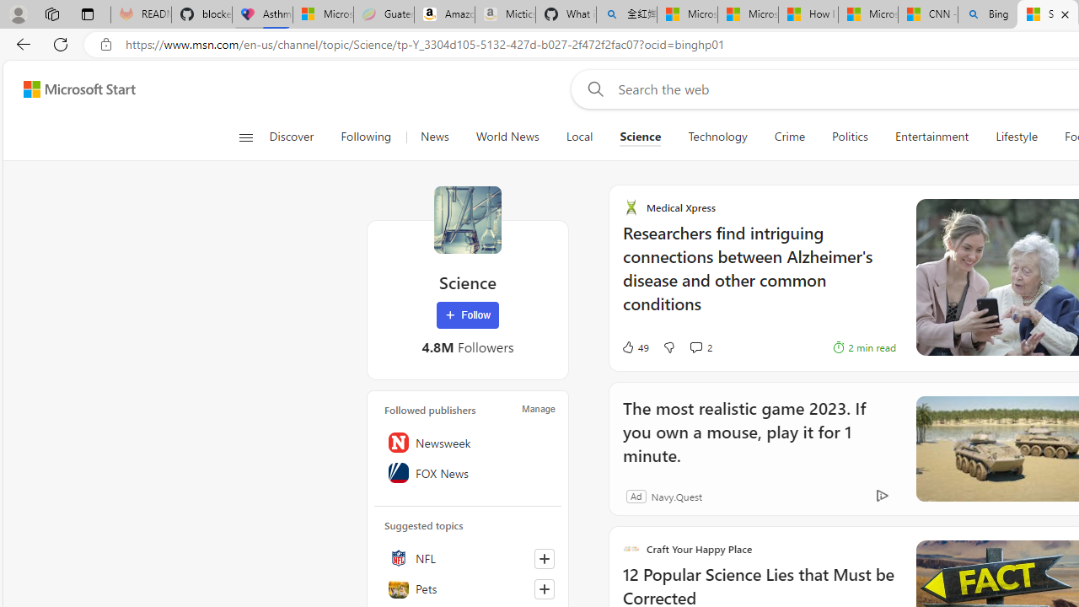 The width and height of the screenshot is (1079, 607). What do you see at coordinates (717, 137) in the screenshot?
I see `'Technology'` at bounding box center [717, 137].